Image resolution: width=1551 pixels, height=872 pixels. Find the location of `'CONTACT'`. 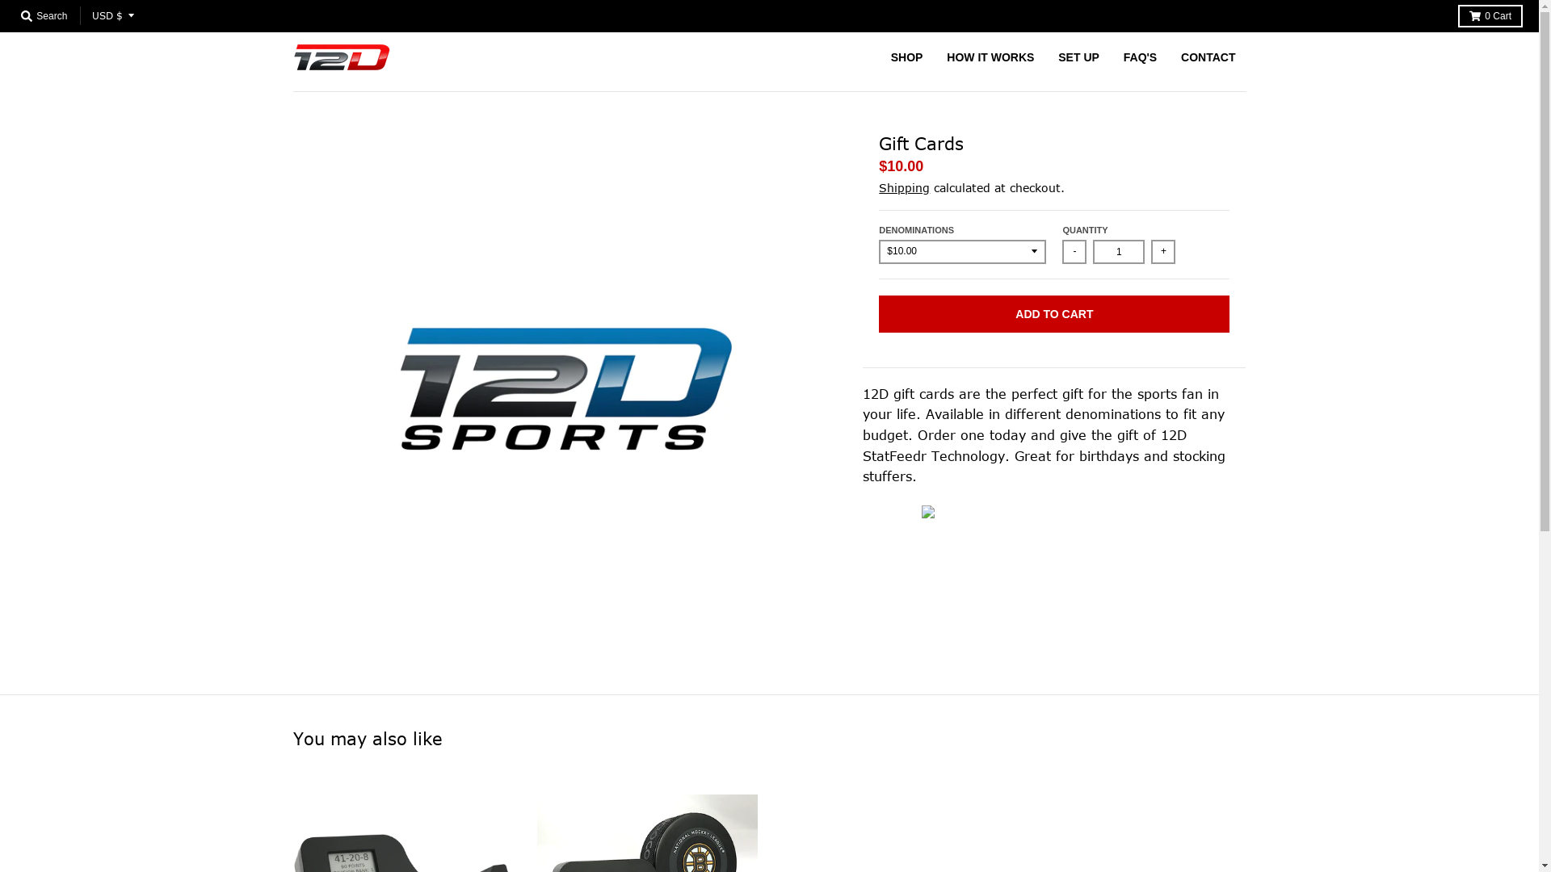

'CONTACT' is located at coordinates (1208, 56).